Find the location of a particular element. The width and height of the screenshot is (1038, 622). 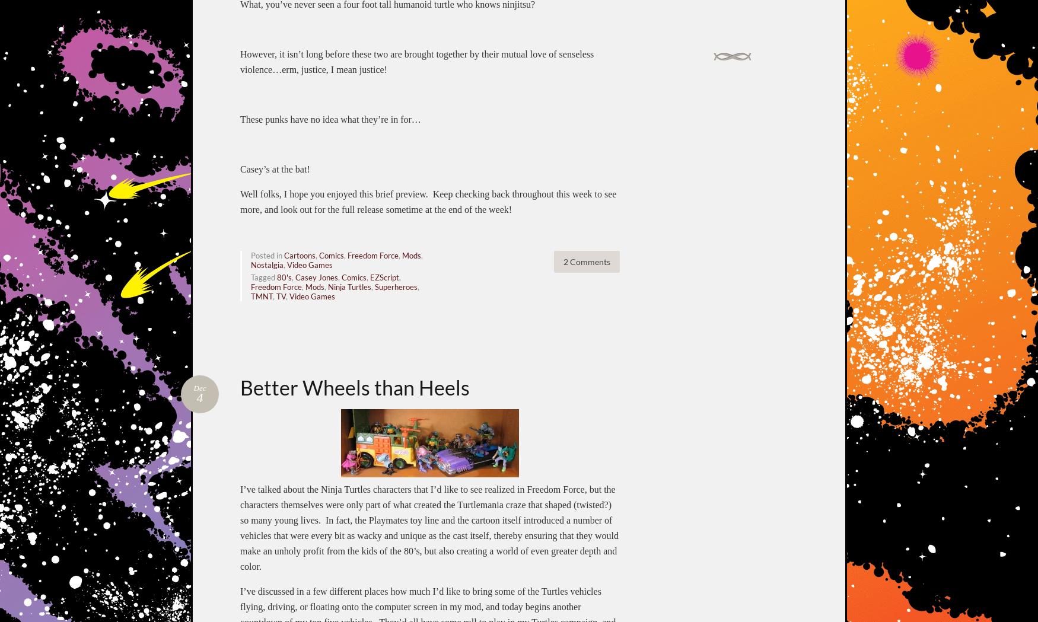

'TV' is located at coordinates (281, 295).